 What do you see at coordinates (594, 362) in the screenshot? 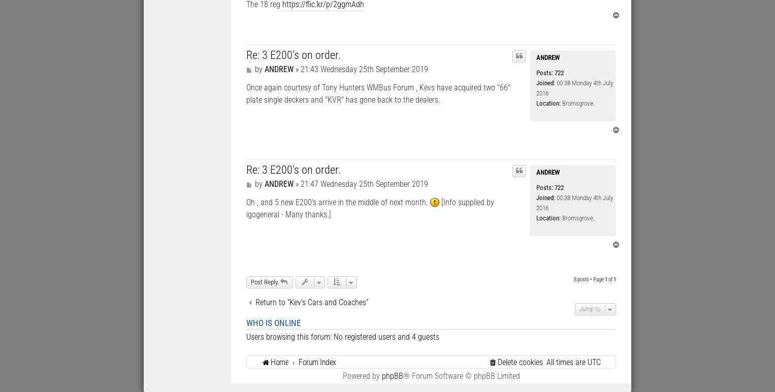
I see `'UTC'` at bounding box center [594, 362].